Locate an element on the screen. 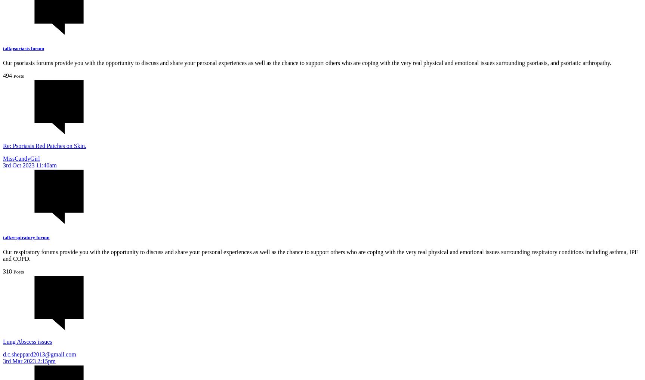  'MissCandyGirl' is located at coordinates (3, 158).